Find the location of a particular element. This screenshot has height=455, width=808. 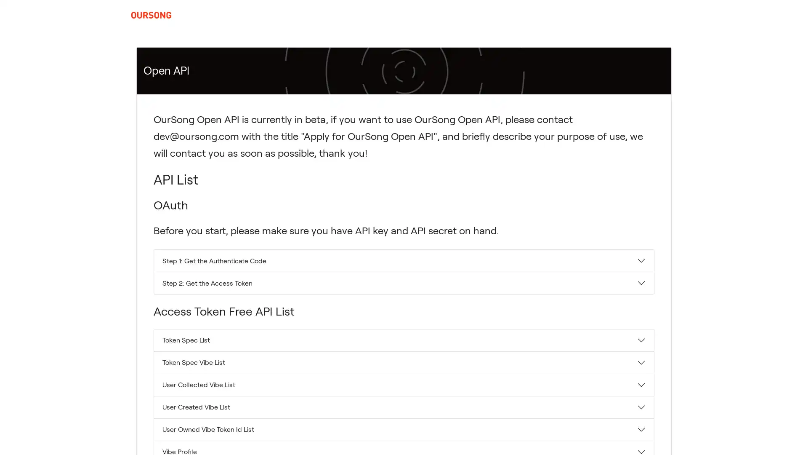

Token Spec Vibe List is located at coordinates (404, 362).